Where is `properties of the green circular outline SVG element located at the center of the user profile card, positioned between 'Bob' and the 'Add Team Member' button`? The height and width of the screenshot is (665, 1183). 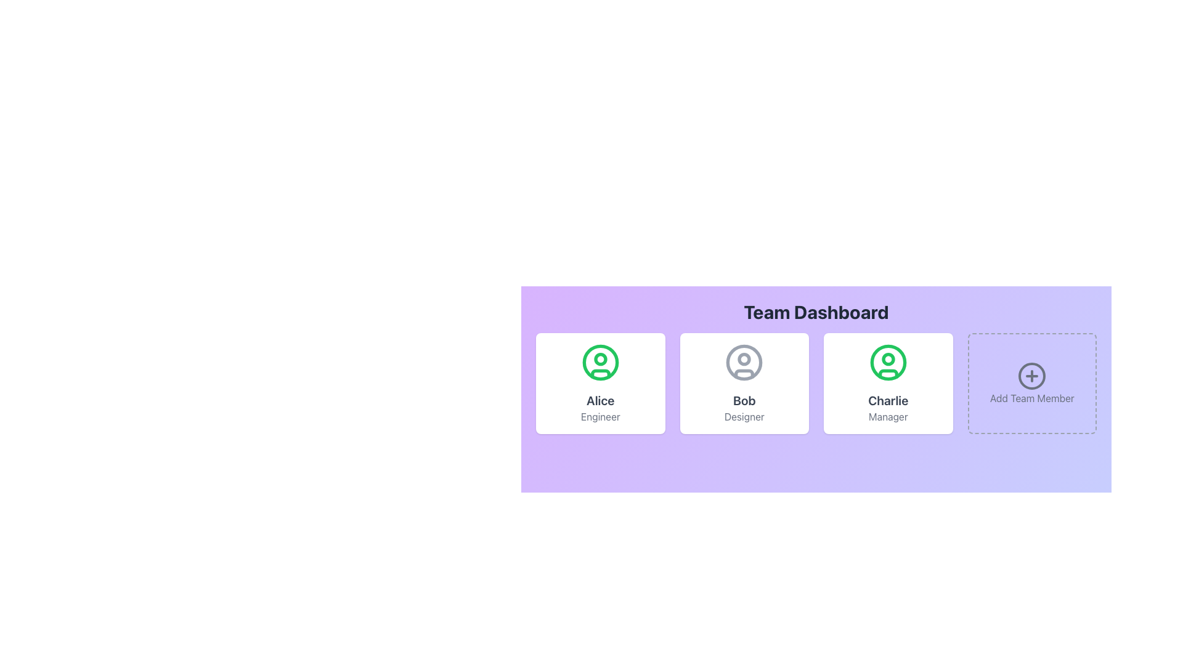 properties of the green circular outline SVG element located at the center of the user profile card, positioned between 'Bob' and the 'Add Team Member' button is located at coordinates (888, 362).